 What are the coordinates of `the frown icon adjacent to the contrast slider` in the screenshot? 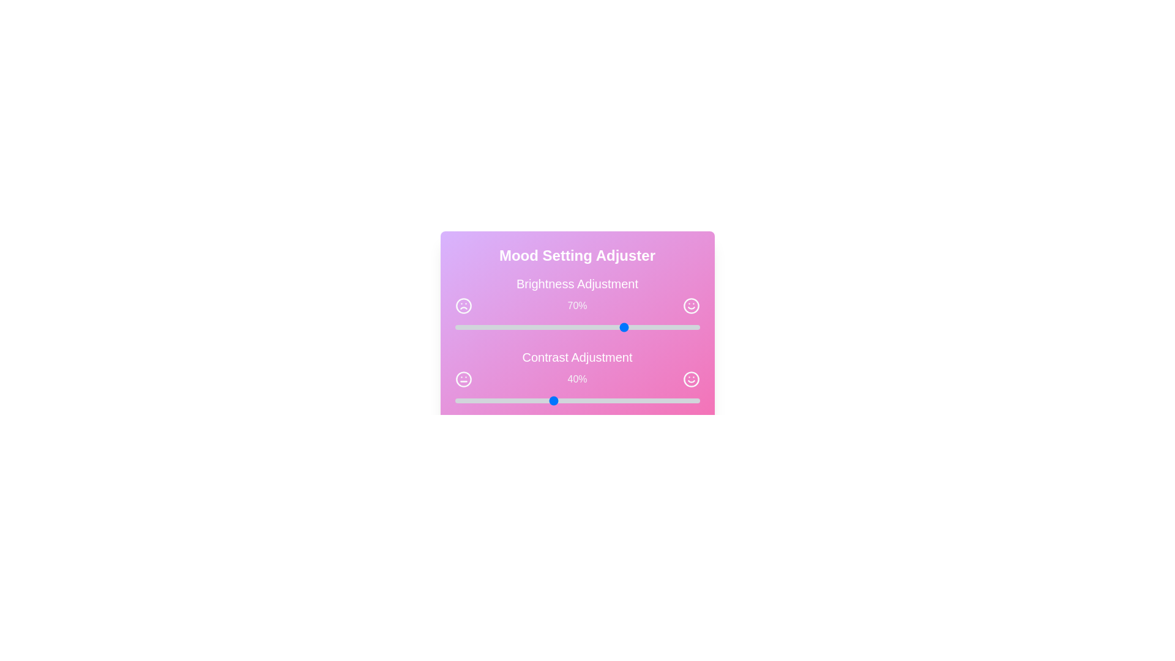 It's located at (463, 379).